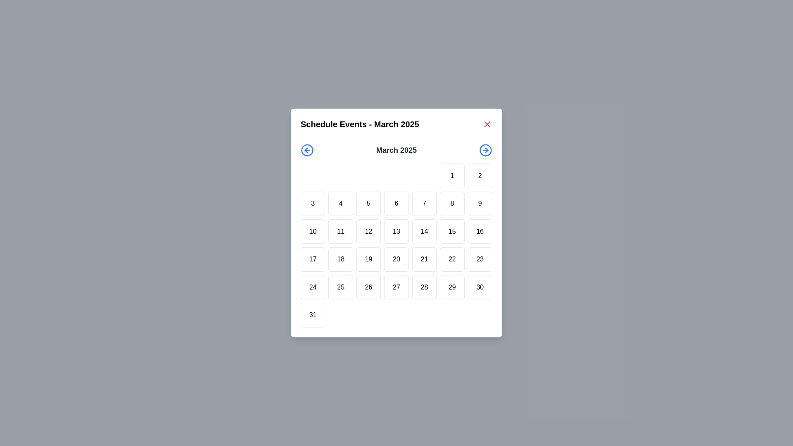 The image size is (793, 446). Describe the element at coordinates (486, 150) in the screenshot. I see `the Navigation Button located in the top-right corner of the calendar interface, next to the 'March 2025' title` at that location.